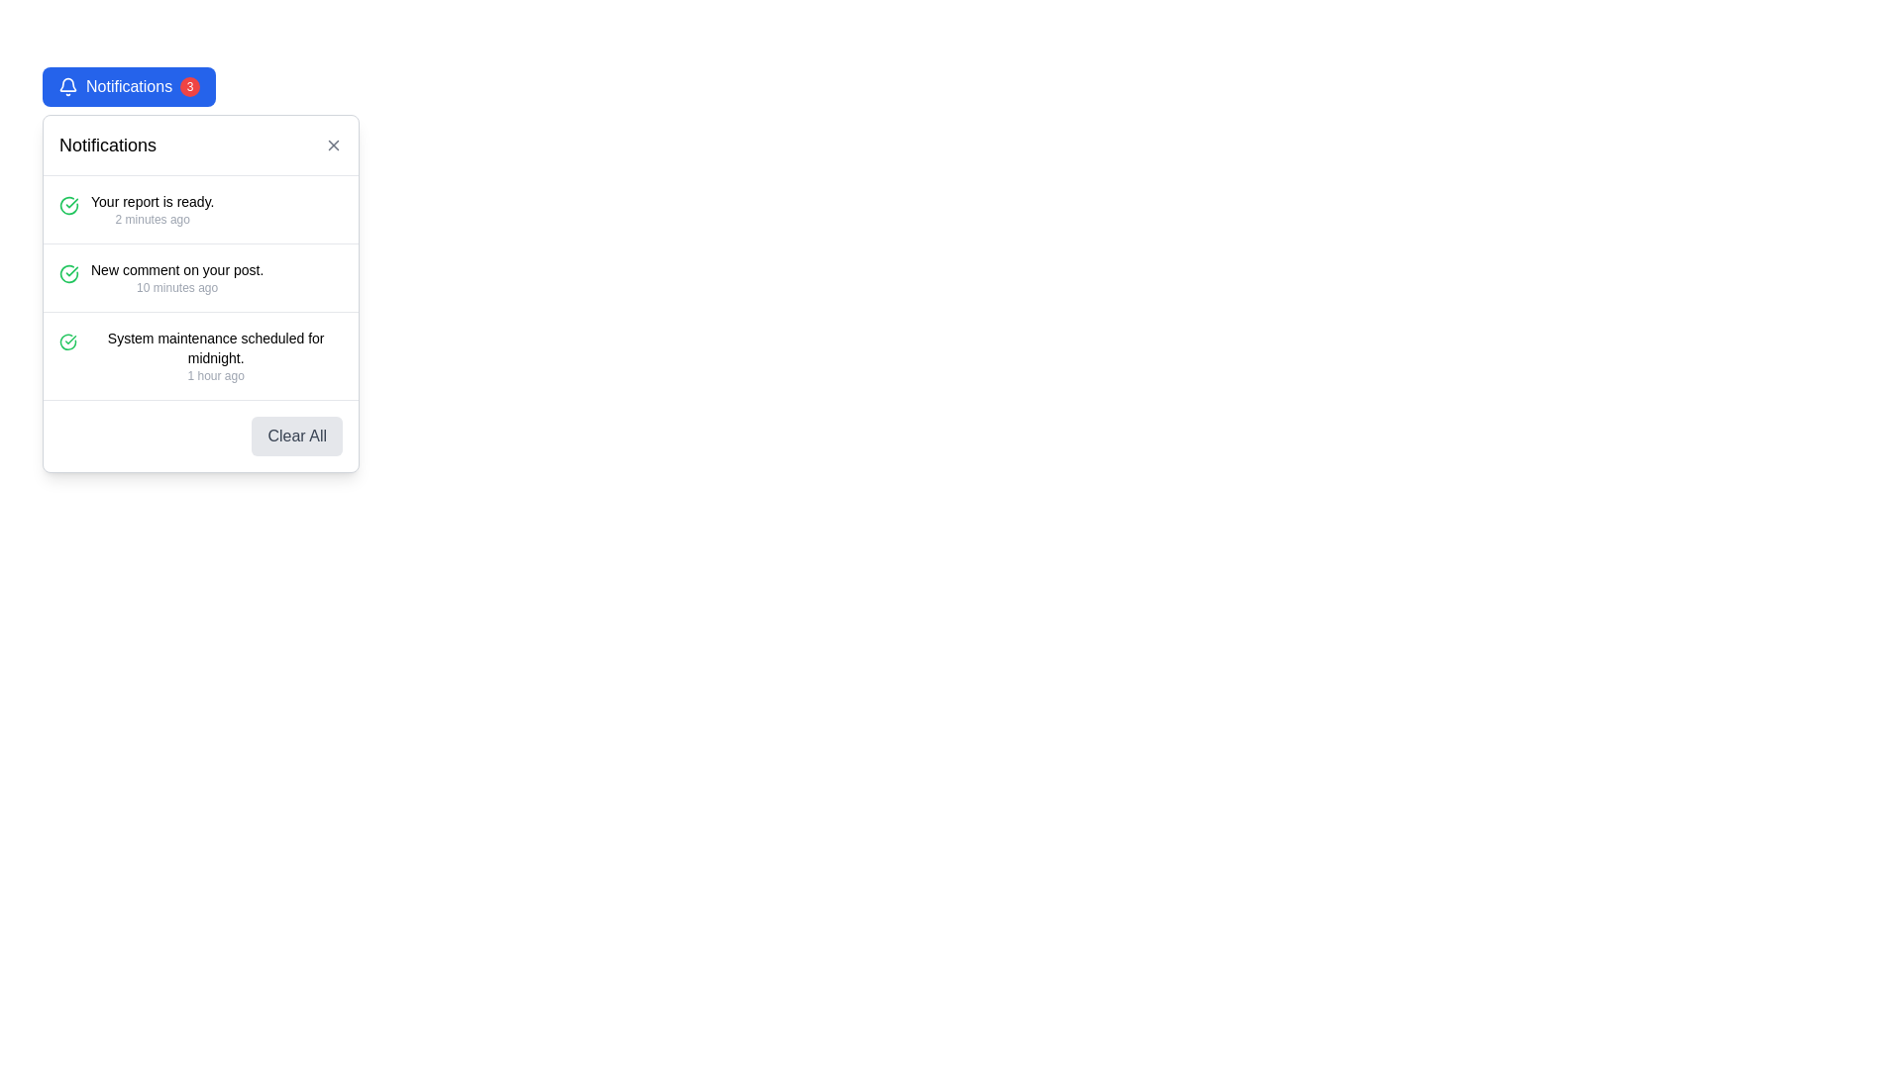  I want to click on the notification list element located within the dropdown box beneath the 'Notifications' header and above the 'Clear All' button for interaction, so click(200, 287).